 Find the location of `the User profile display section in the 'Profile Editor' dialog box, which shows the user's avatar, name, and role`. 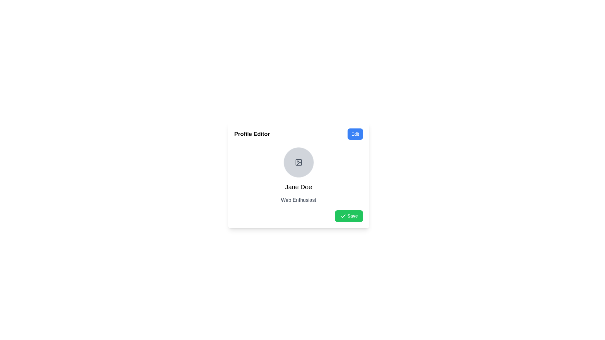

the User profile display section in the 'Profile Editor' dialog box, which shows the user's avatar, name, and role is located at coordinates (298, 176).